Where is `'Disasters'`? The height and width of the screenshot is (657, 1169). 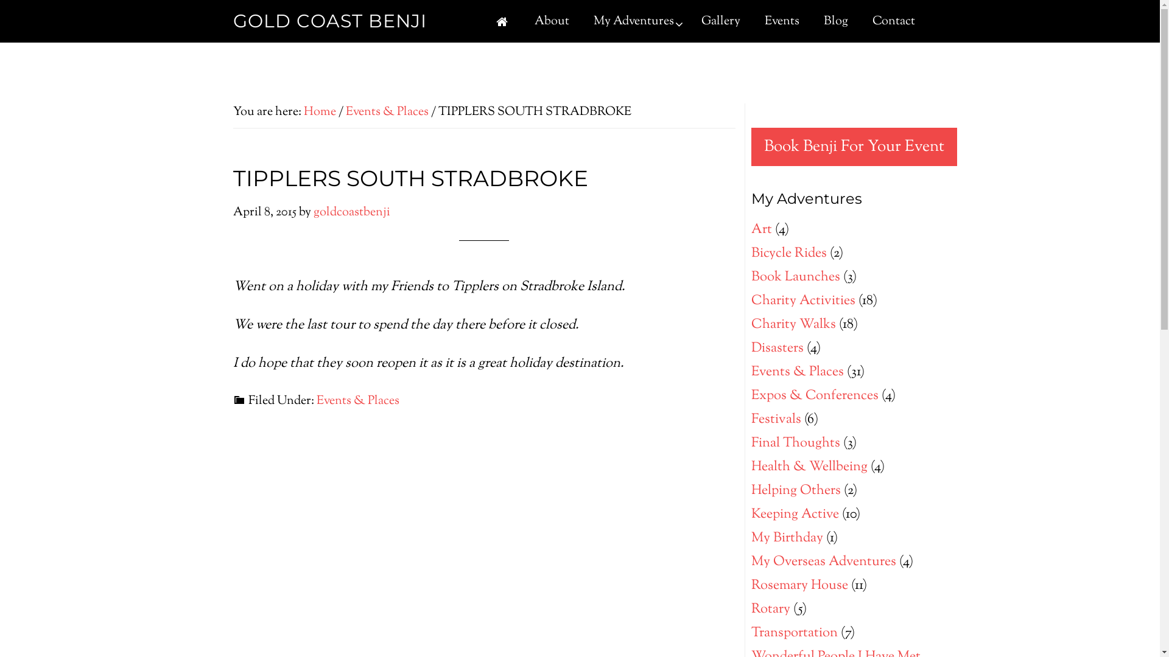
'Disasters' is located at coordinates (776, 349).